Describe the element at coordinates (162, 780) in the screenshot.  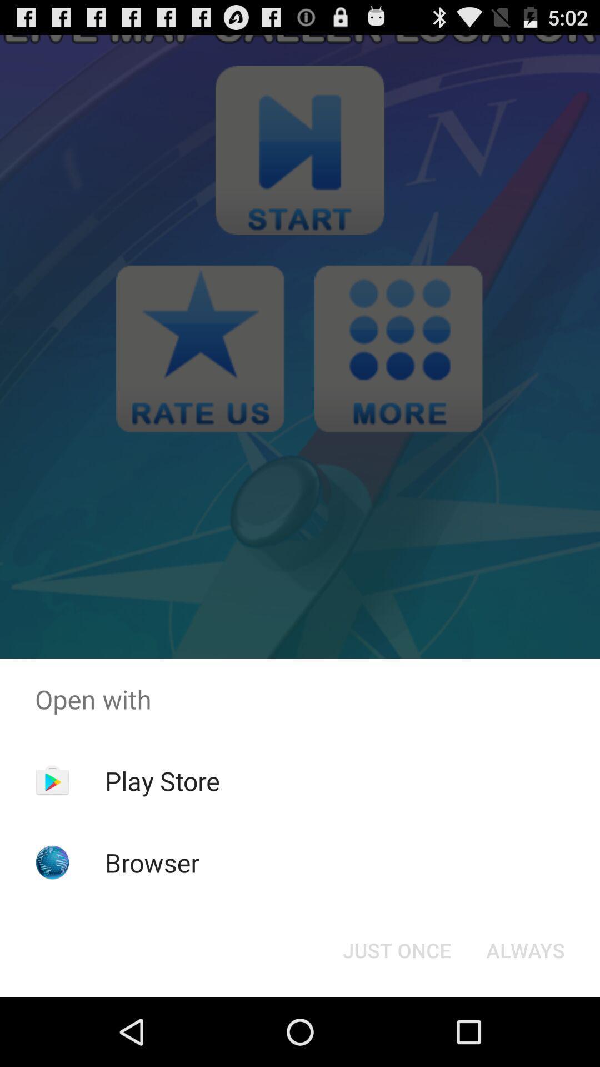
I see `the icon above browser icon` at that location.